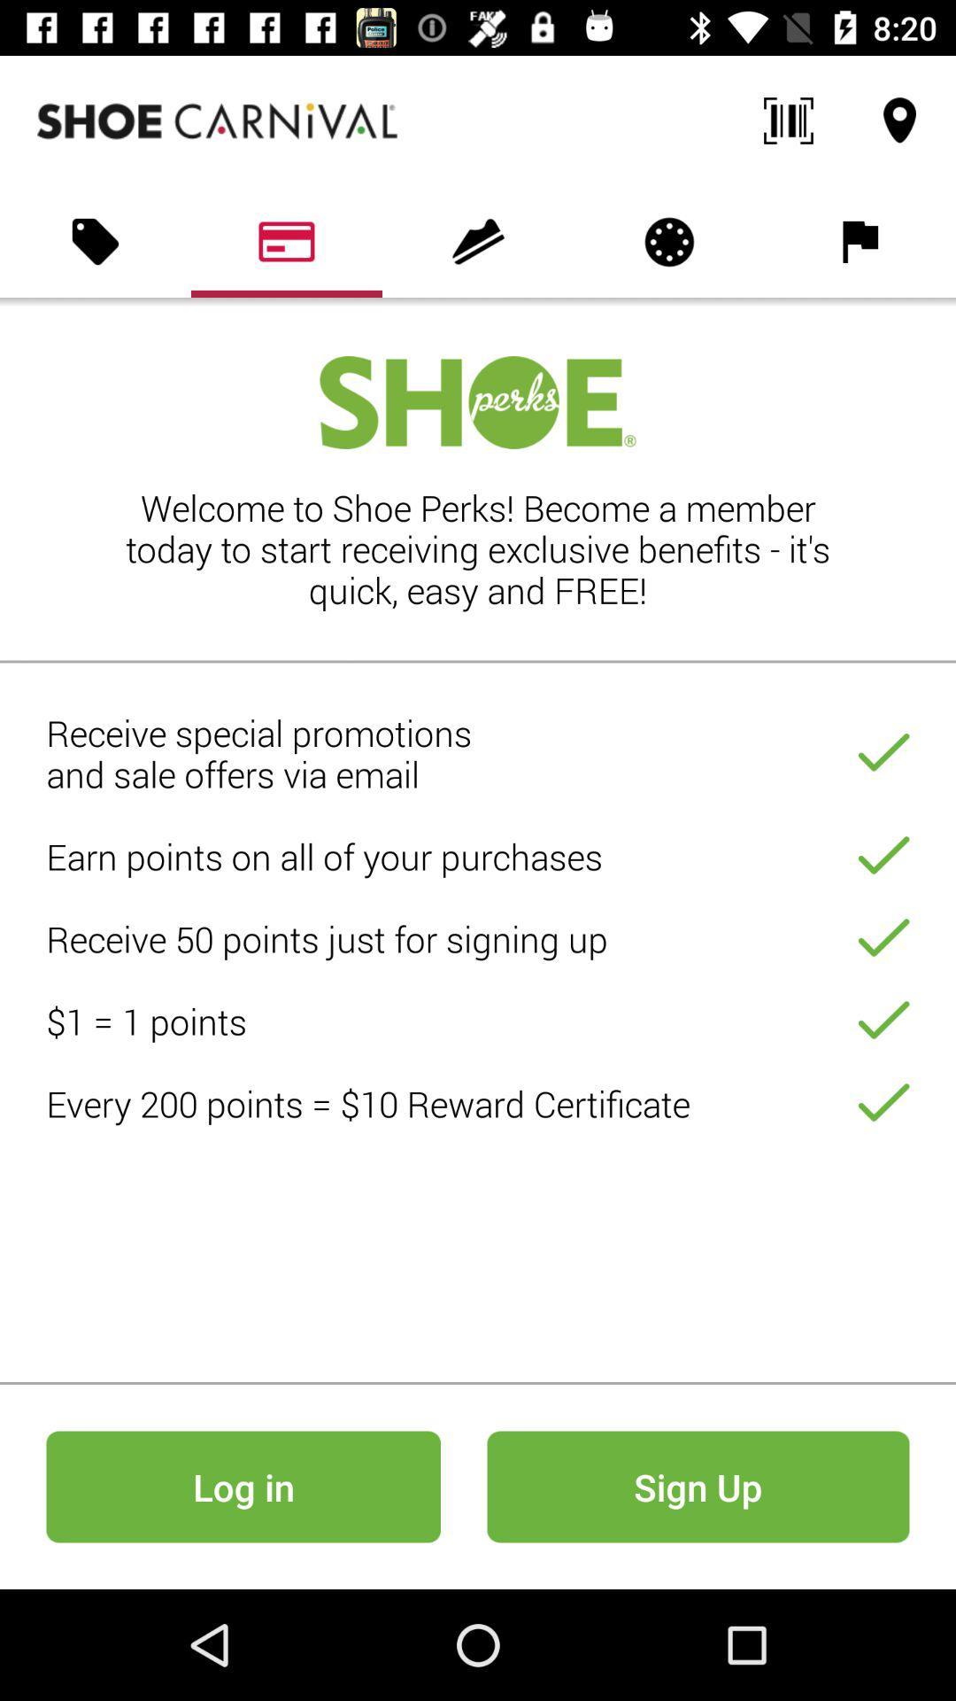 This screenshot has width=956, height=1701. Describe the element at coordinates (698, 1487) in the screenshot. I see `the icon to the right of log in icon` at that location.